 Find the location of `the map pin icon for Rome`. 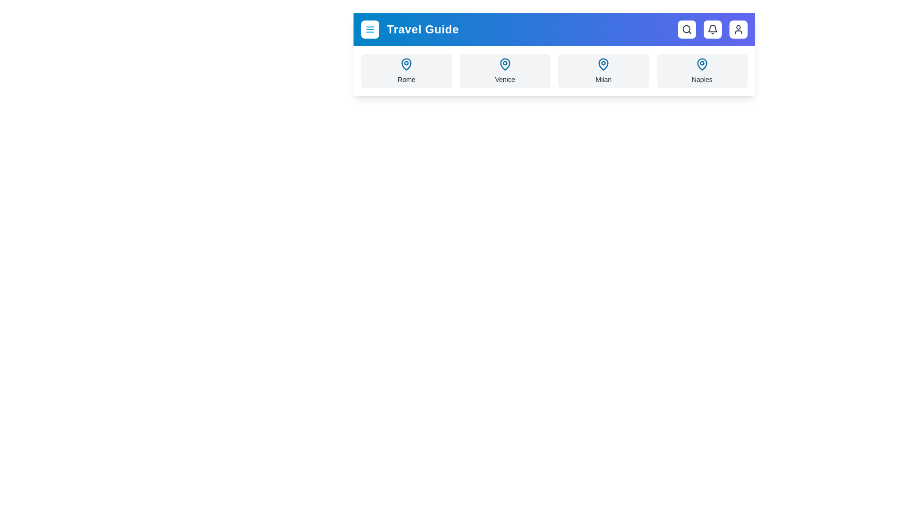

the map pin icon for Rome is located at coordinates (406, 64).